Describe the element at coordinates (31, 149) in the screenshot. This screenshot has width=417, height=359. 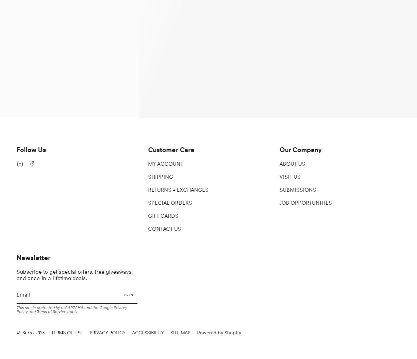
I see `'Follow Us'` at that location.